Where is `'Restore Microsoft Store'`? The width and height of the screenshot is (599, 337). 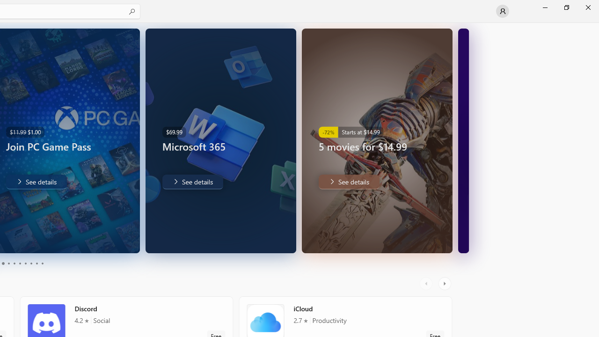 'Restore Microsoft Store' is located at coordinates (566, 7).